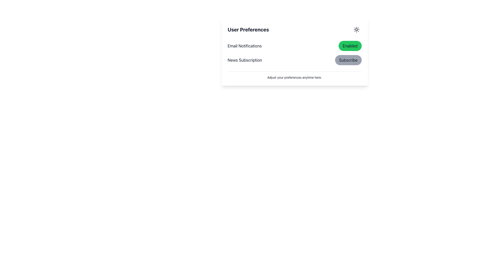 The height and width of the screenshot is (274, 487). I want to click on the Static Text Display that reads 'Adjust your preferences anytime here.' located at the bottom part of the user preferences section, so click(294, 77).